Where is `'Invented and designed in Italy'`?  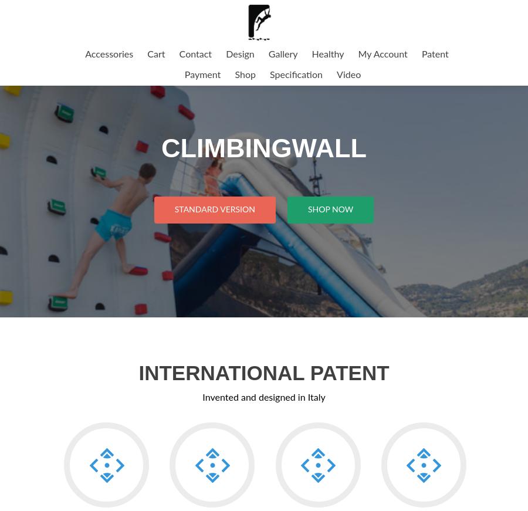
'Invented and designed in Italy' is located at coordinates (263, 397).